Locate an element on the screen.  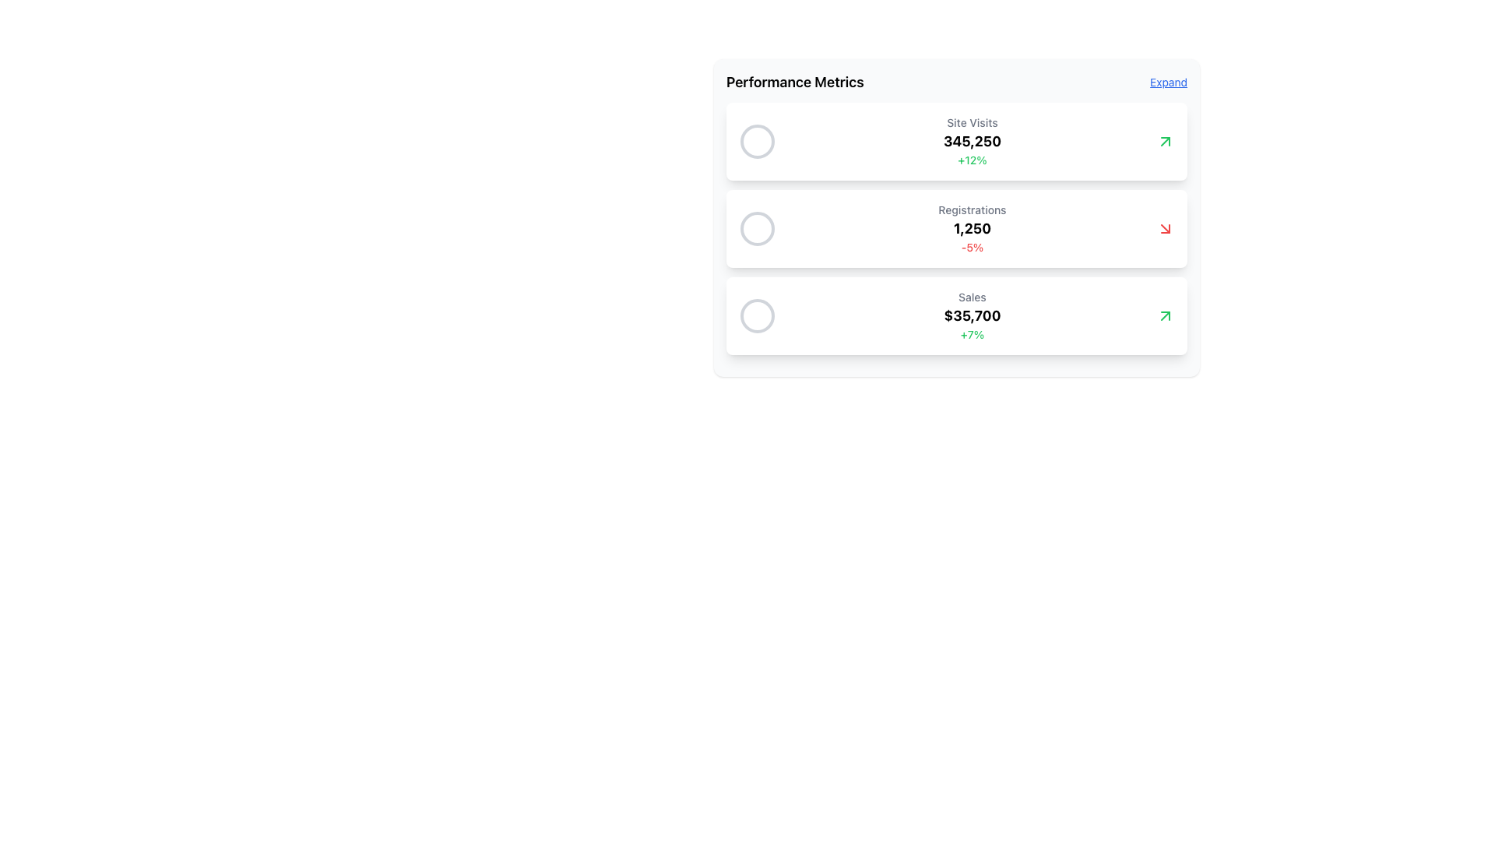
the green upward and rightward pointing arrow icon, which is the far-right component of the 'Site Visits' statistics card in the 'Performance Metrics' section is located at coordinates (1166, 141).